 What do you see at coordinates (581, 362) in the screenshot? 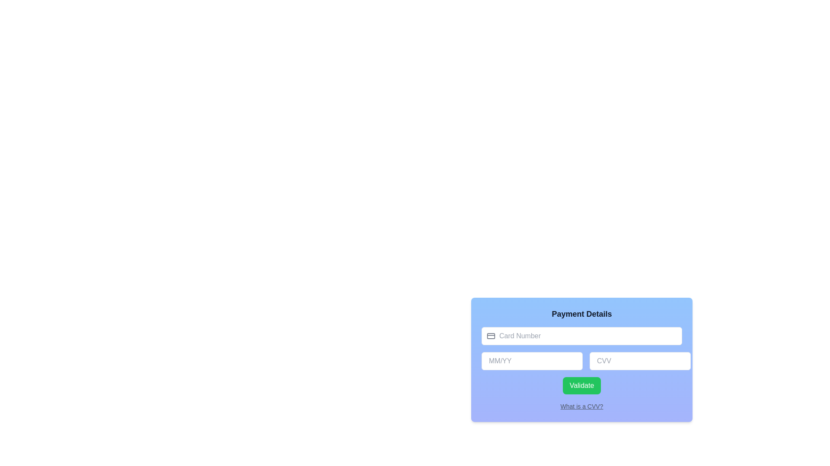
I see `the text input field that accepts date or expiry input, indicated by the placeholder text 'MM/YY', to focus on it` at bounding box center [581, 362].